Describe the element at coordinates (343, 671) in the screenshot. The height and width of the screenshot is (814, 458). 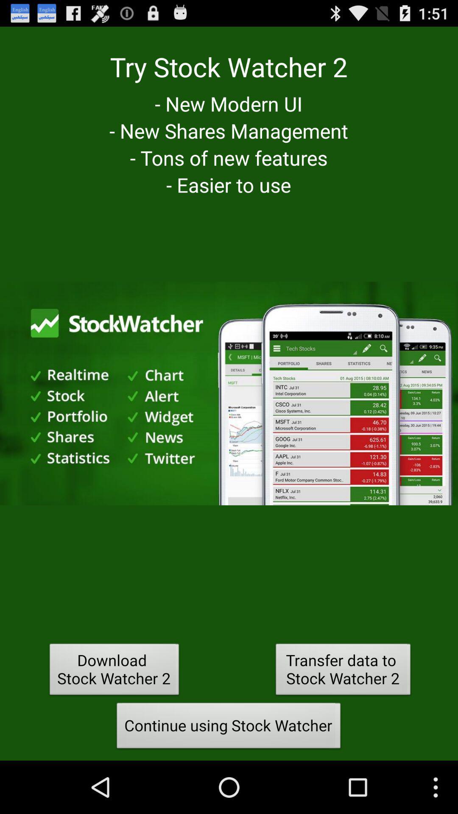
I see `the transfer data to button` at that location.